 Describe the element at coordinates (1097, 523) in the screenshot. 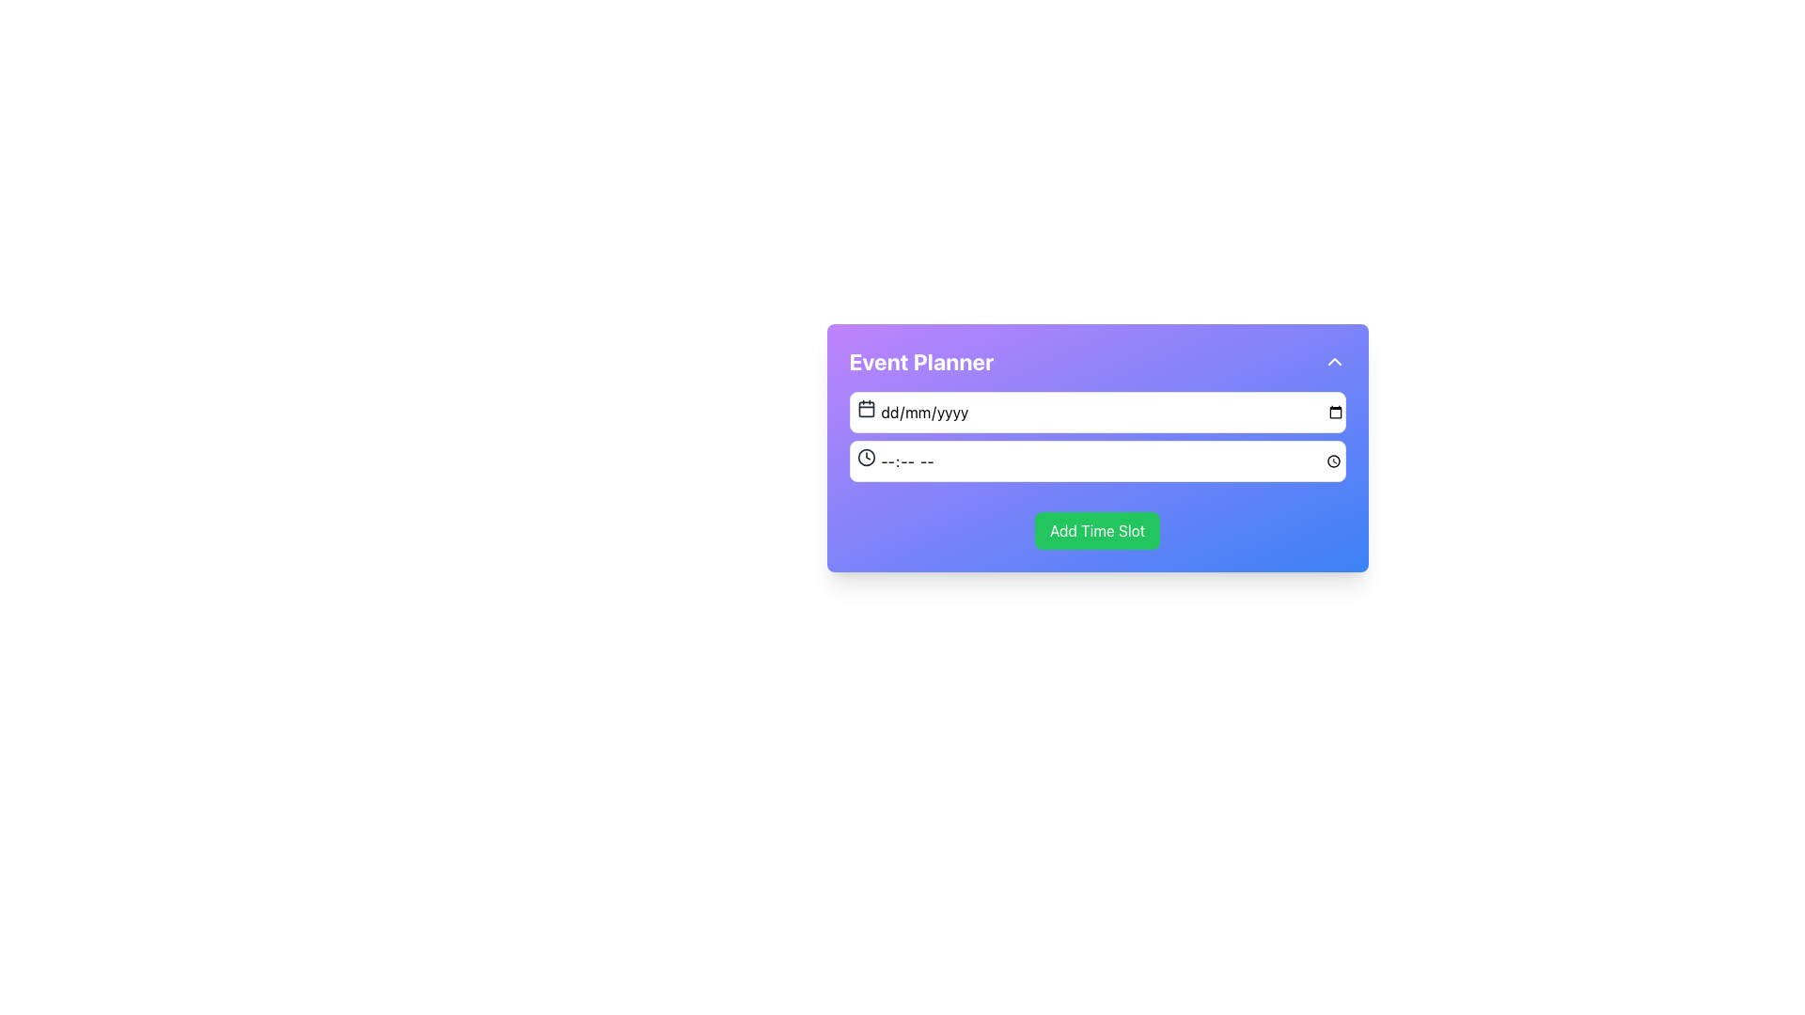

I see `the green button located at the bottom center of the 'Event Planner' panel` at that location.